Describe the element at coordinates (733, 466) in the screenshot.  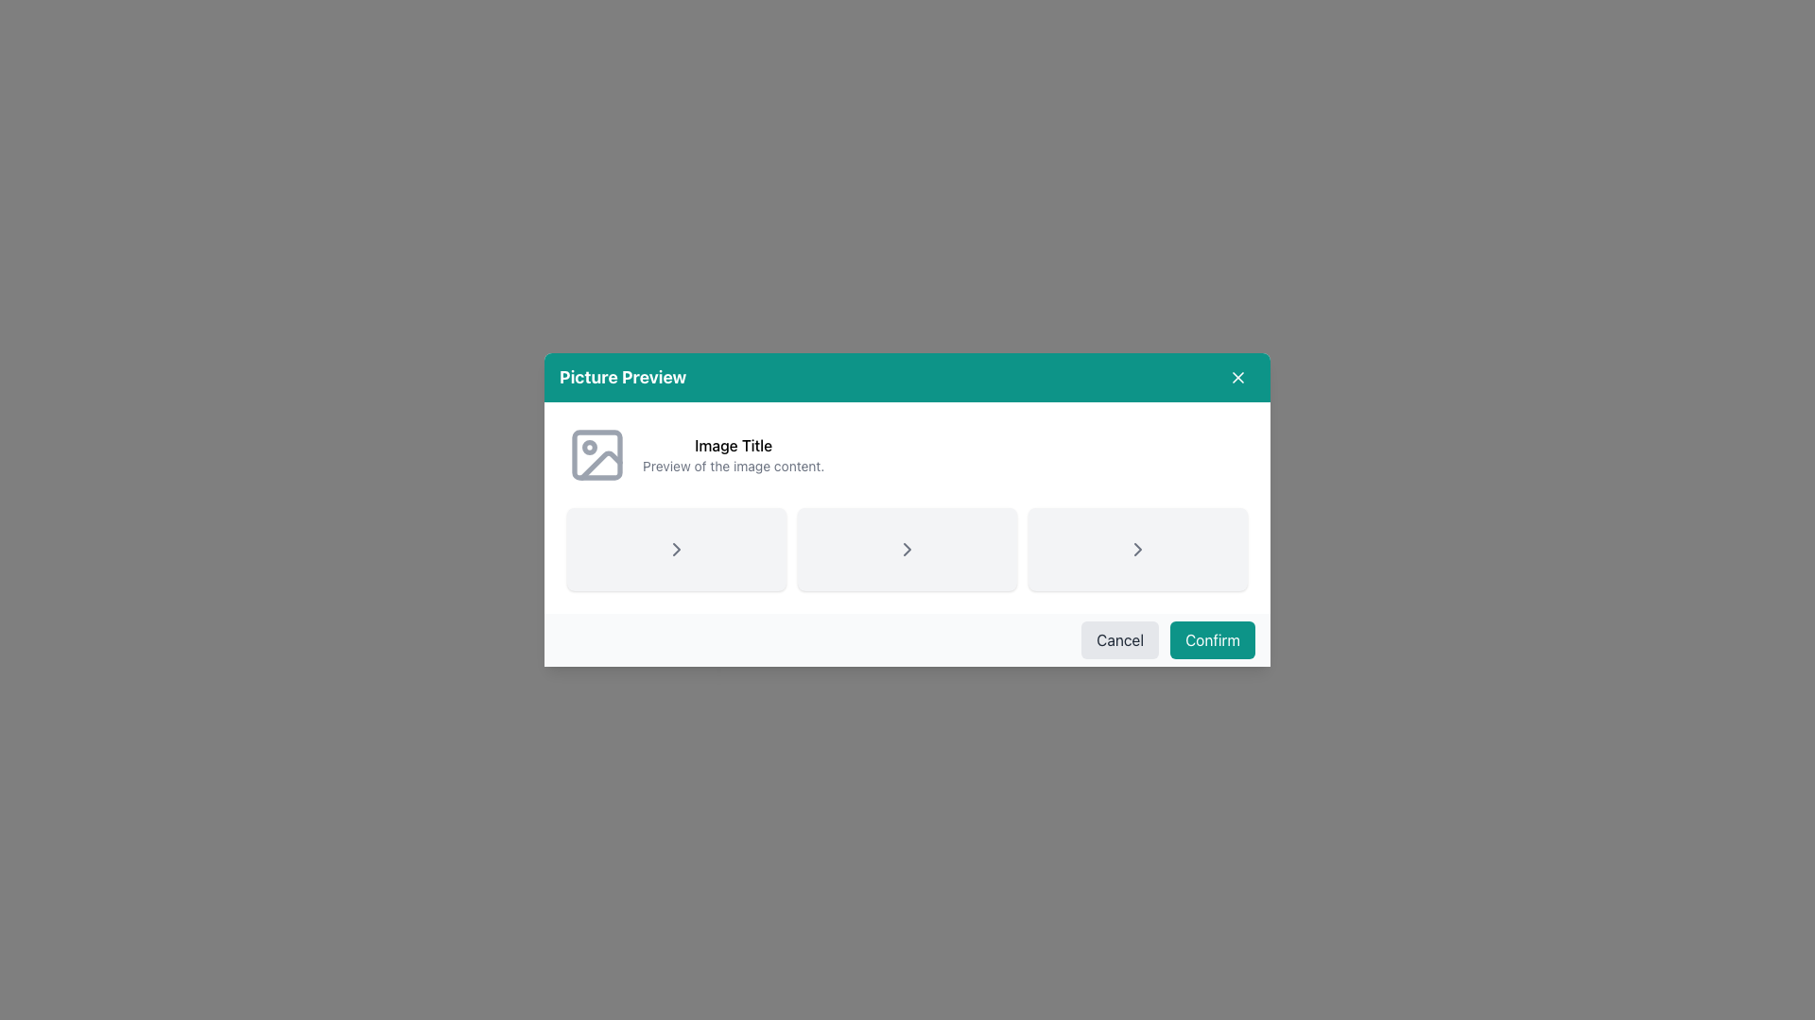
I see `text element that displays 'Preview of the image content.' located beneath the 'Image Title' in the 'Picture Preview' modal` at that location.